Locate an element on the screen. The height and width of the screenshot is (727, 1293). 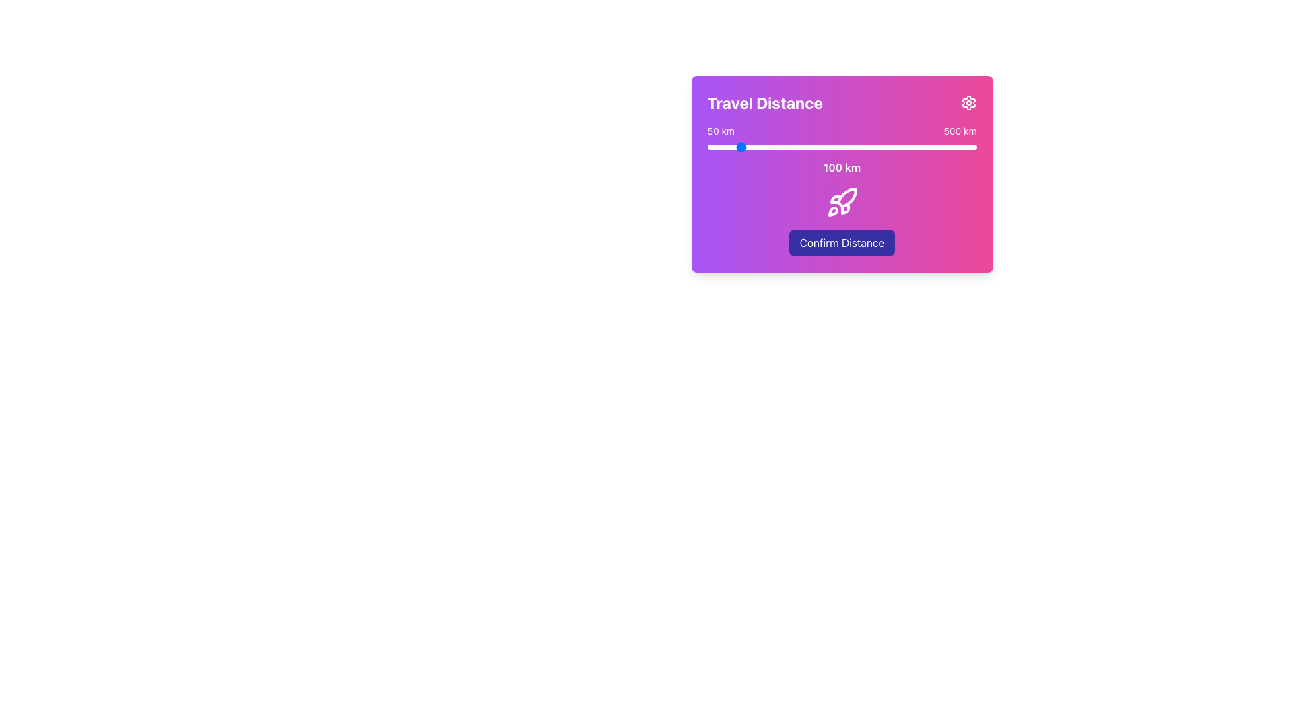
the travel distance is located at coordinates (908, 147).